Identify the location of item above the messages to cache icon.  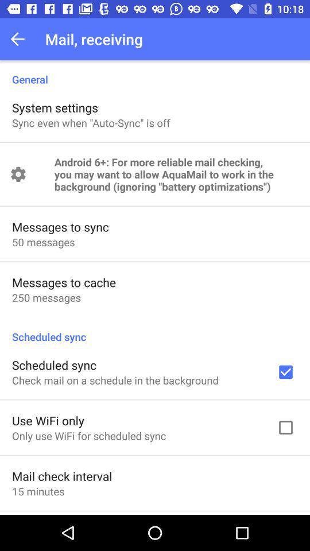
(42, 242).